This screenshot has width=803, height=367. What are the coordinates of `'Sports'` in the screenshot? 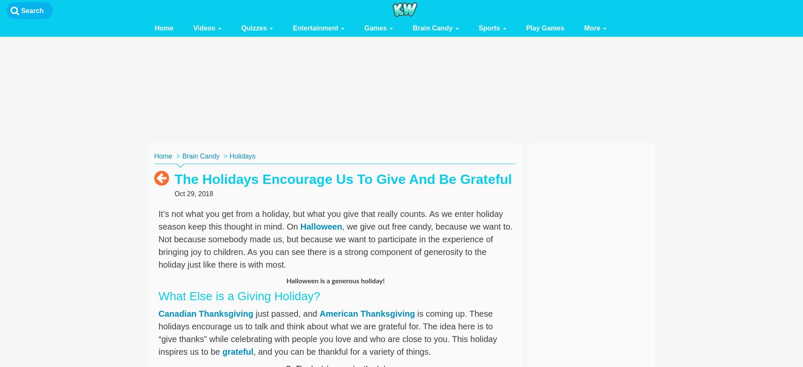 It's located at (490, 28).